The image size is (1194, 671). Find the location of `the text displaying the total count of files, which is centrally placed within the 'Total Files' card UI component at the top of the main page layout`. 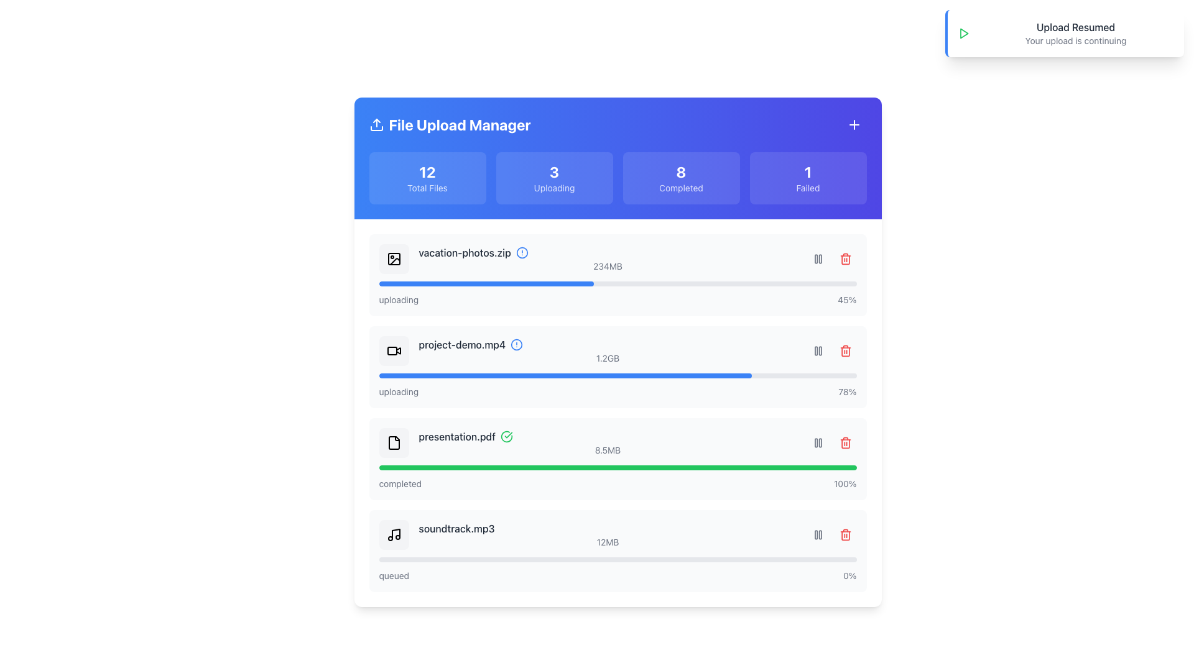

the text displaying the total count of files, which is centrally placed within the 'Total Files' card UI component at the top of the main page layout is located at coordinates (427, 172).